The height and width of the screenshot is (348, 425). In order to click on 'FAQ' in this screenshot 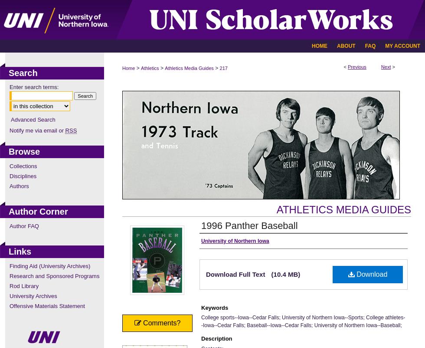, I will do `click(370, 46)`.